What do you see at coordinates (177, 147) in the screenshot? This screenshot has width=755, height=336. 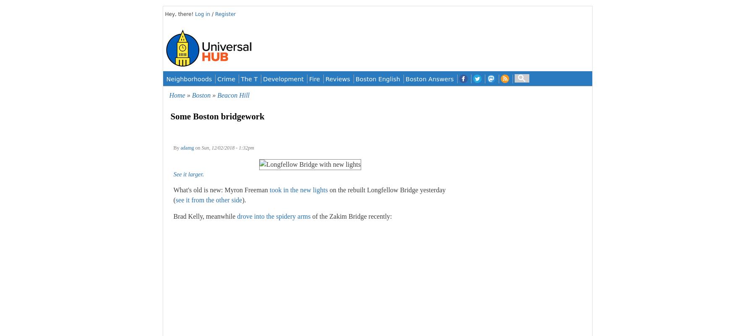 I see `'By'` at bounding box center [177, 147].